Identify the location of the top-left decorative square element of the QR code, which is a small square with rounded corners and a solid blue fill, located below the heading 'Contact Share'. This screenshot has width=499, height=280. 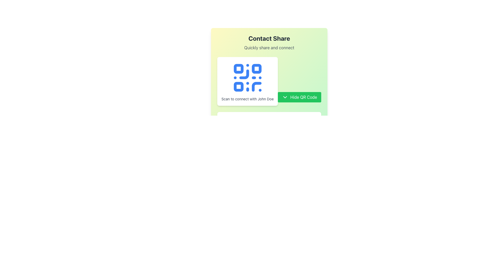
(238, 68).